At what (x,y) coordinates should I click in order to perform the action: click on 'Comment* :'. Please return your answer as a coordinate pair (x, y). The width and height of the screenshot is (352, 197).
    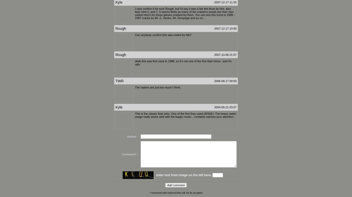
    Looking at the image, I should click on (122, 154).